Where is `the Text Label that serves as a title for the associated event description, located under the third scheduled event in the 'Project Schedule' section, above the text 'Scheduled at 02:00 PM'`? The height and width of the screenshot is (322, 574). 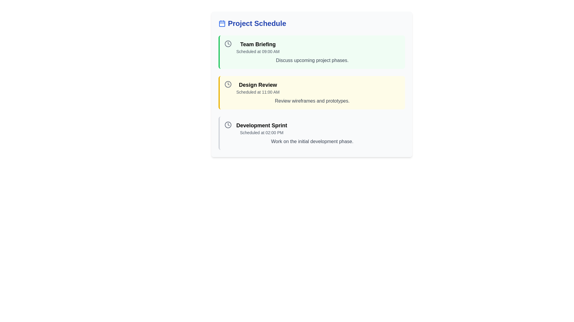
the Text Label that serves as a title for the associated event description, located under the third scheduled event in the 'Project Schedule' section, above the text 'Scheduled at 02:00 PM' is located at coordinates (262, 125).